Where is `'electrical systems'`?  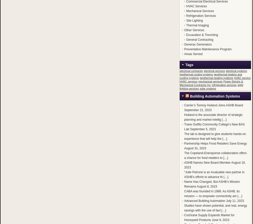 'electrical systems' is located at coordinates (225, 71).